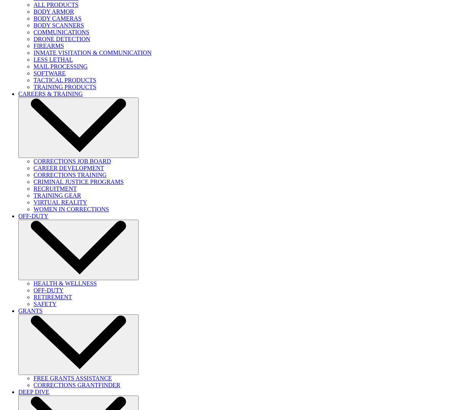  Describe the element at coordinates (72, 161) in the screenshot. I see `'CORRECTIONS JOB BOARD'` at that location.